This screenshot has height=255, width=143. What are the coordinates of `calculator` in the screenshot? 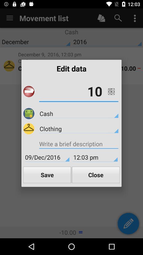 It's located at (111, 91).